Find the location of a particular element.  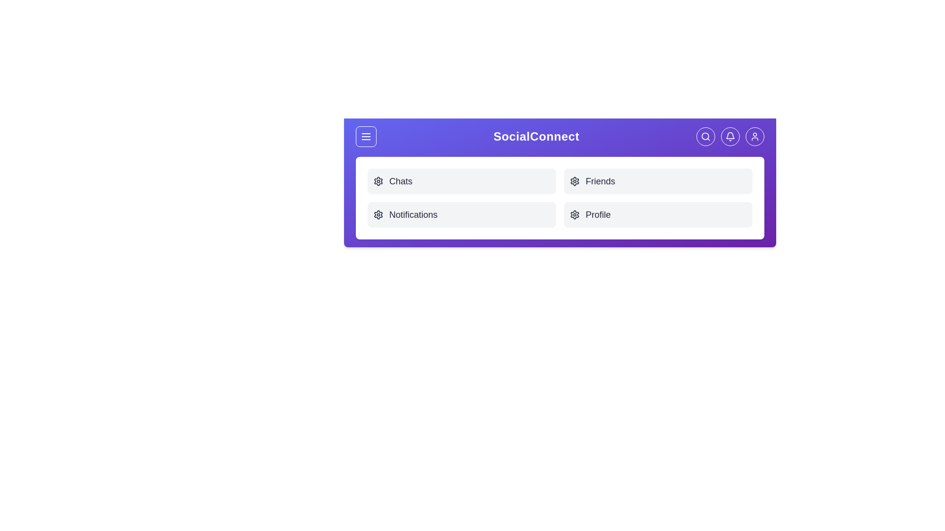

the Notifications button in the navigation bar is located at coordinates (730, 136).